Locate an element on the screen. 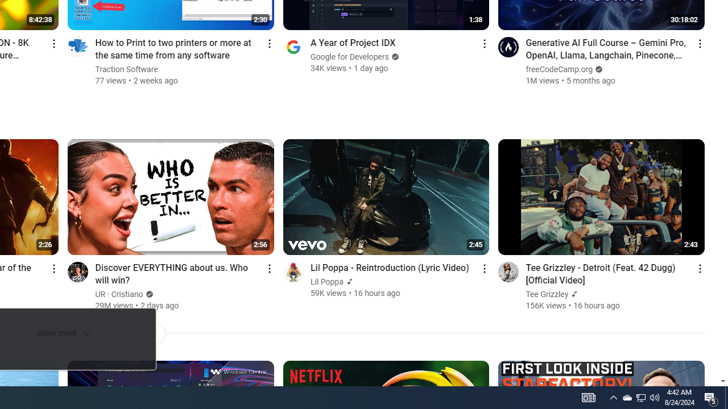 The width and height of the screenshot is (728, 409). 'Go to channel' is located at coordinates (508, 272).